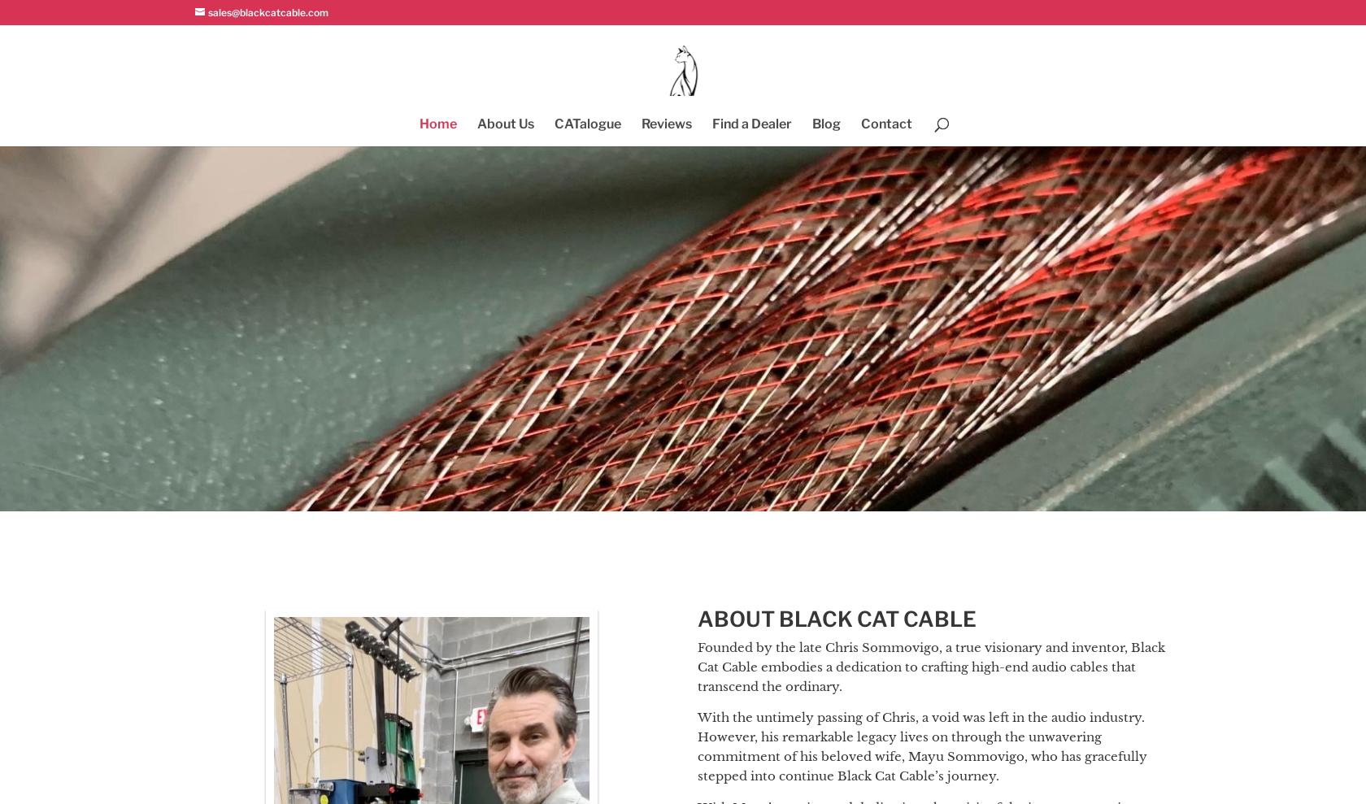 The image size is (1366, 804). I want to click on 'Blog', so click(824, 123).